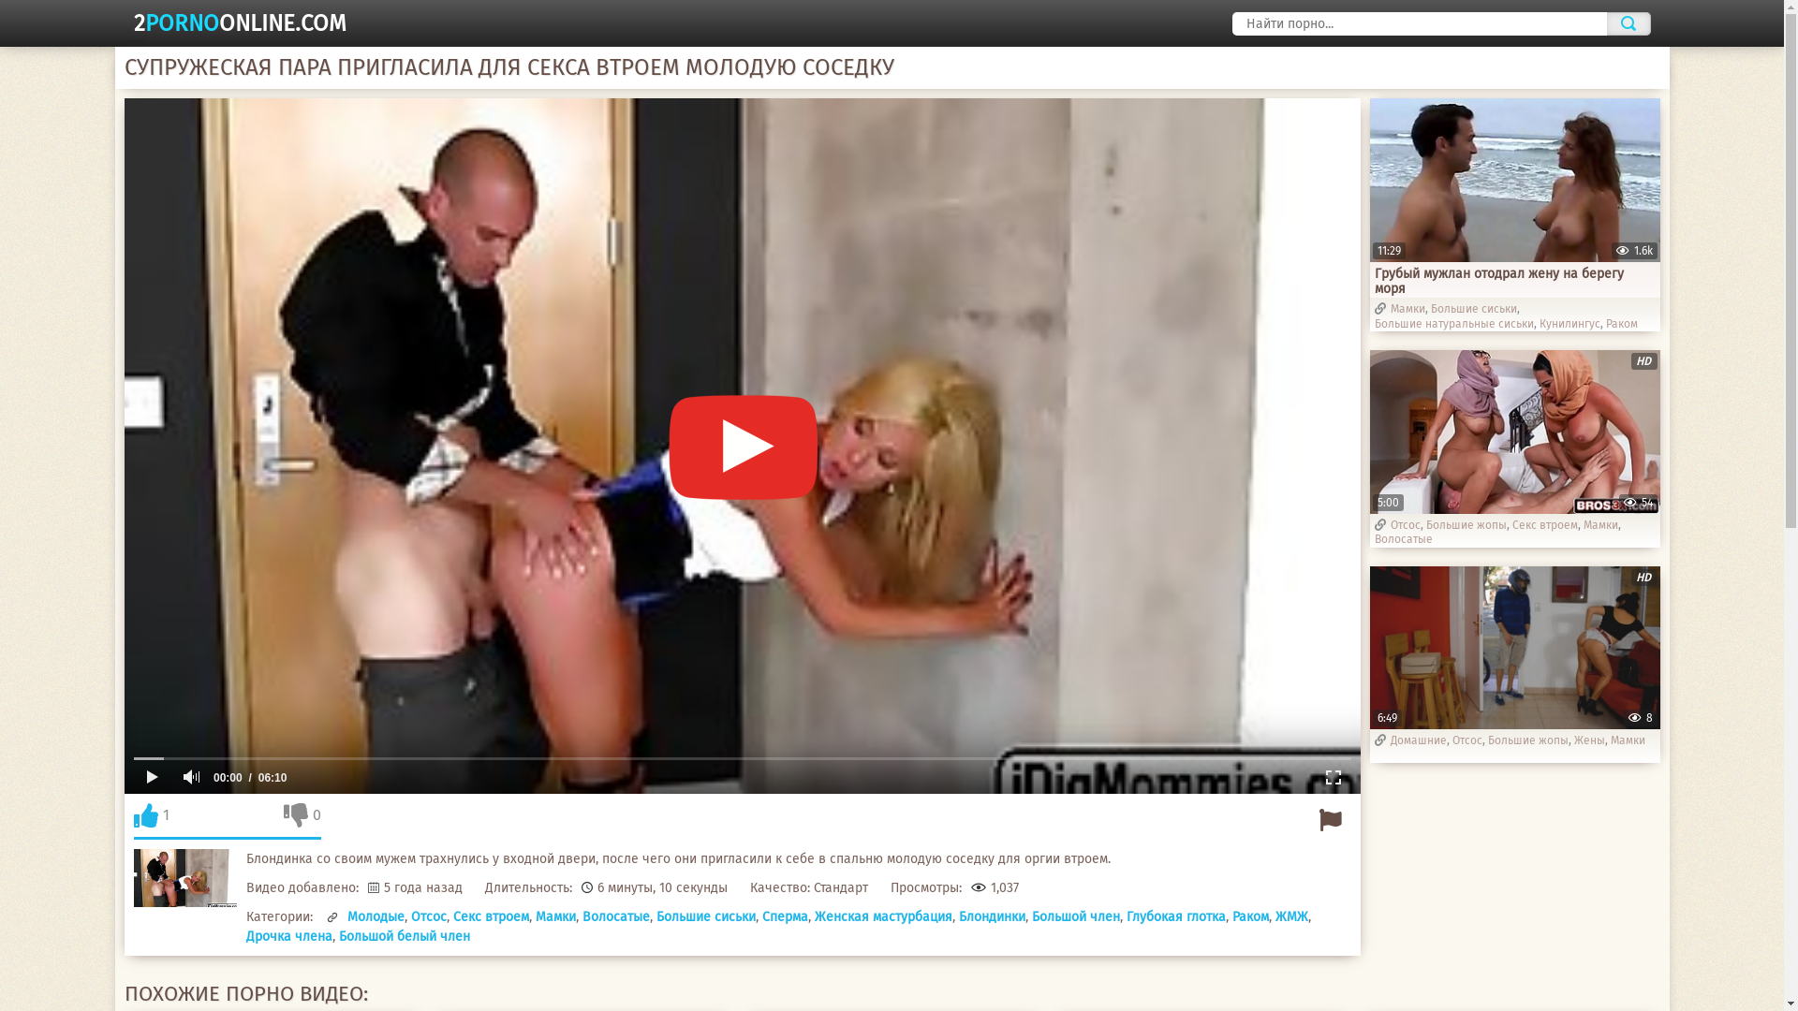 Image resolution: width=1798 pixels, height=1011 pixels. Describe the element at coordinates (238, 22) in the screenshot. I see `'2PORNOONLINE.COM'` at that location.